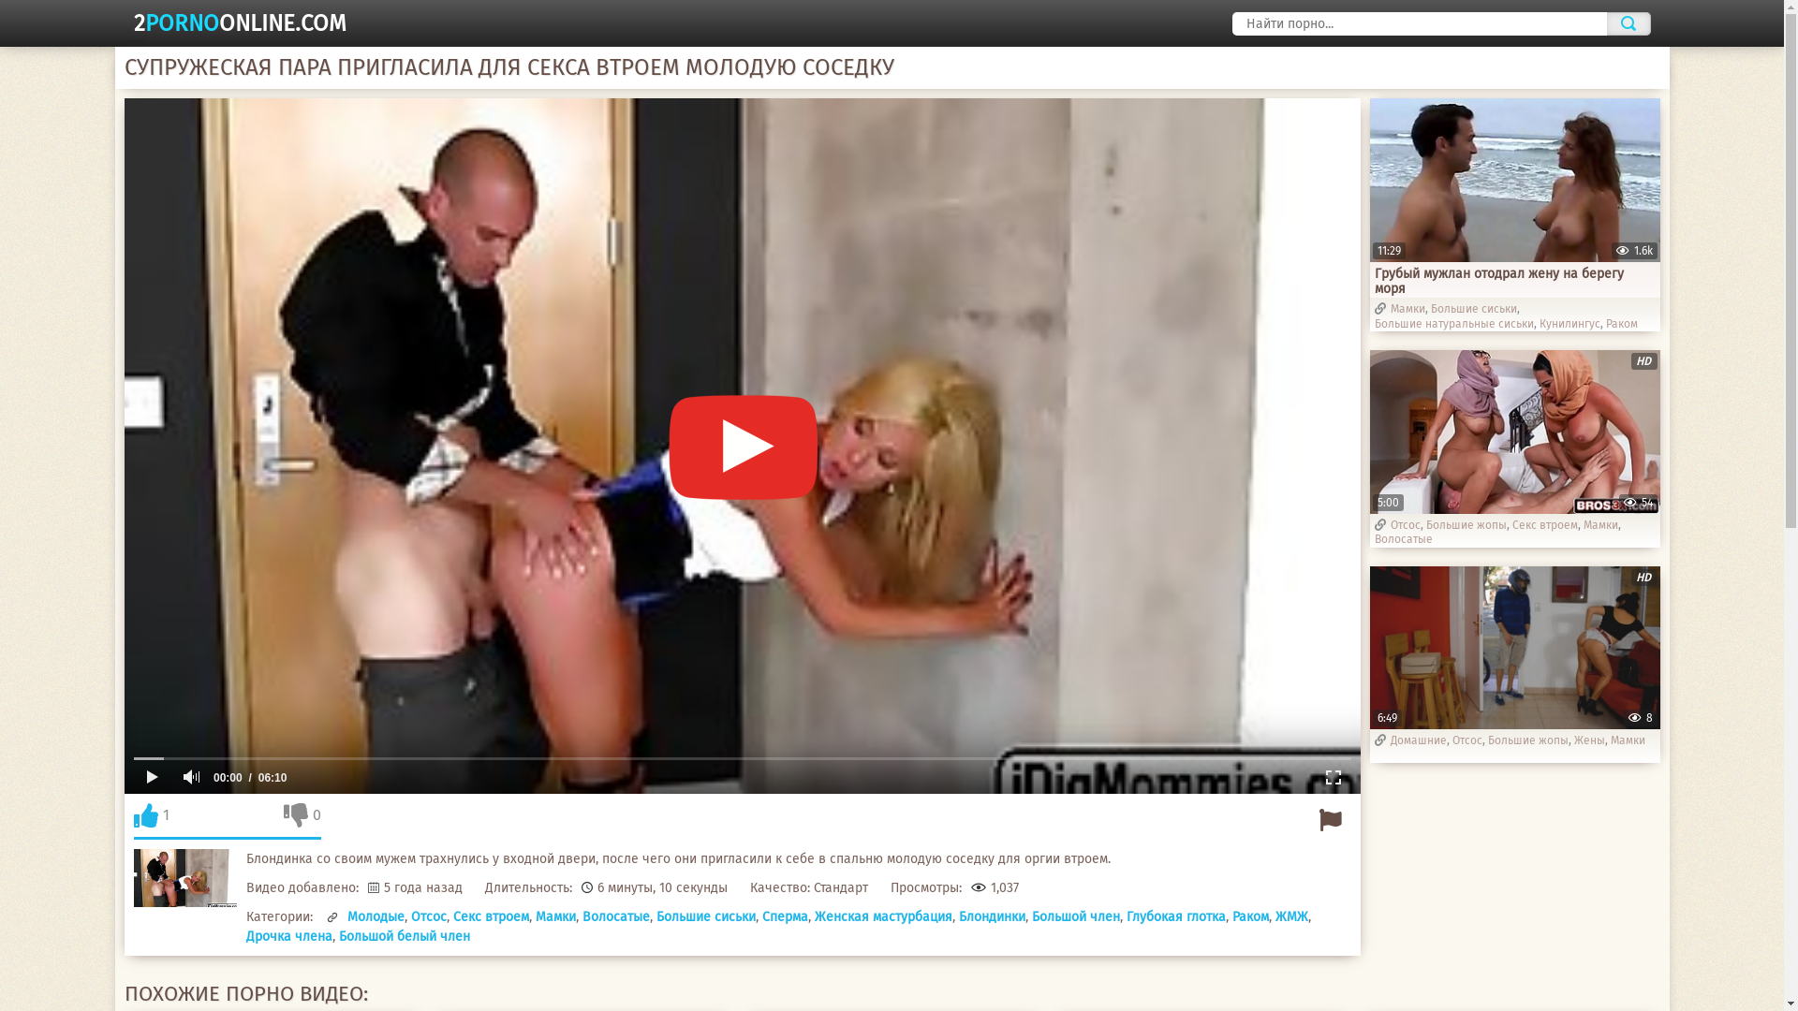 Image resolution: width=1798 pixels, height=1011 pixels. Describe the element at coordinates (238, 22) in the screenshot. I see `'2PORNOONLINE.COM'` at that location.